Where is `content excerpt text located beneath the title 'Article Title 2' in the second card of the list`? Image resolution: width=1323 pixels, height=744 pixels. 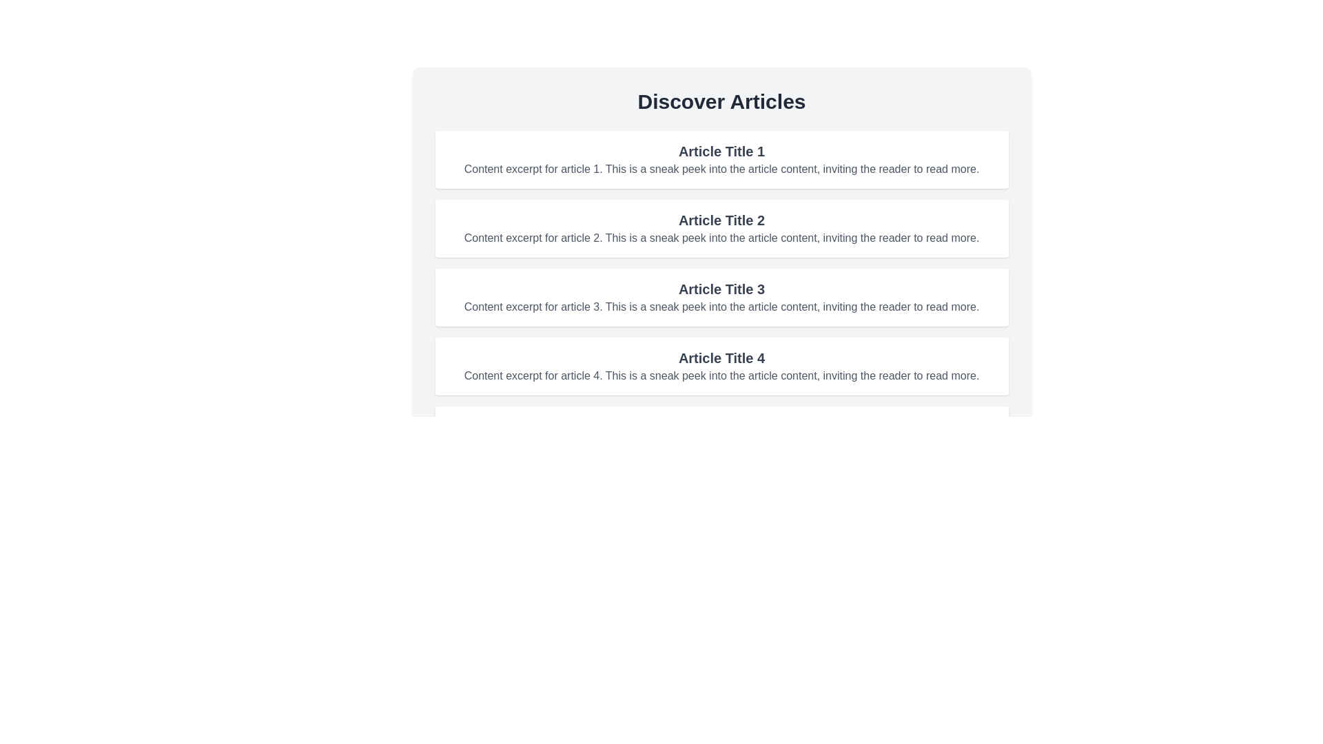
content excerpt text located beneath the title 'Article Title 2' in the second card of the list is located at coordinates (721, 238).